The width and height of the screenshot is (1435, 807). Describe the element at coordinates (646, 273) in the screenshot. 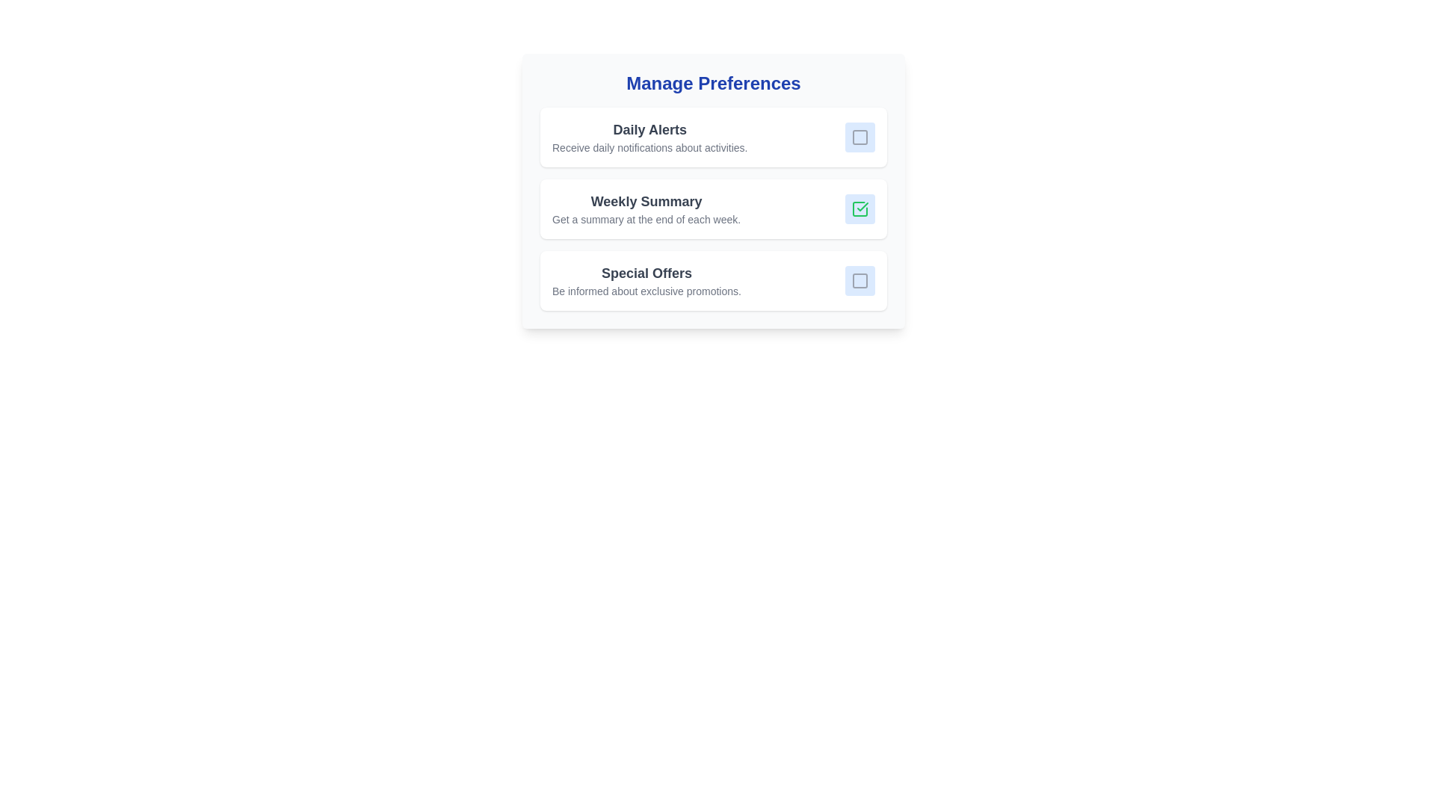

I see `the text label that serves as the title for the third preference section under 'Manage Preferences', which is the first line of a two-line entry` at that location.